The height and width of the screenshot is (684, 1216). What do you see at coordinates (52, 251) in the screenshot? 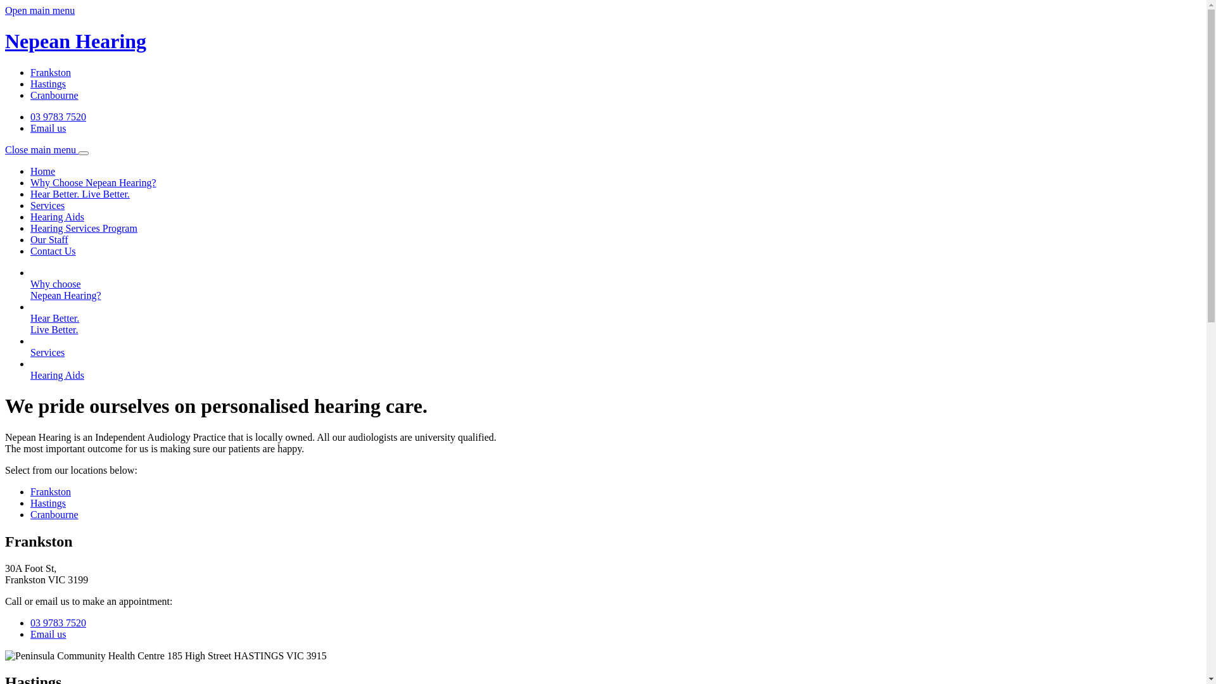
I see `'Contact Us'` at bounding box center [52, 251].